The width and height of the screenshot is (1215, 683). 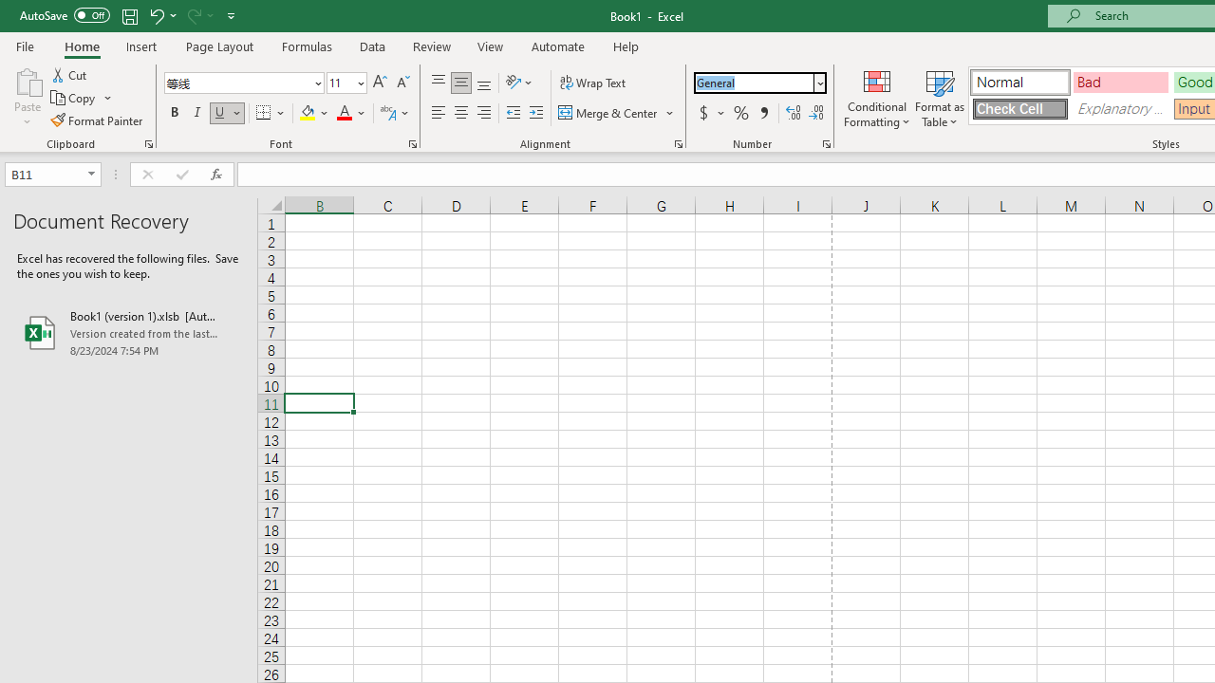 What do you see at coordinates (1019, 108) in the screenshot?
I see `'Check Cell'` at bounding box center [1019, 108].